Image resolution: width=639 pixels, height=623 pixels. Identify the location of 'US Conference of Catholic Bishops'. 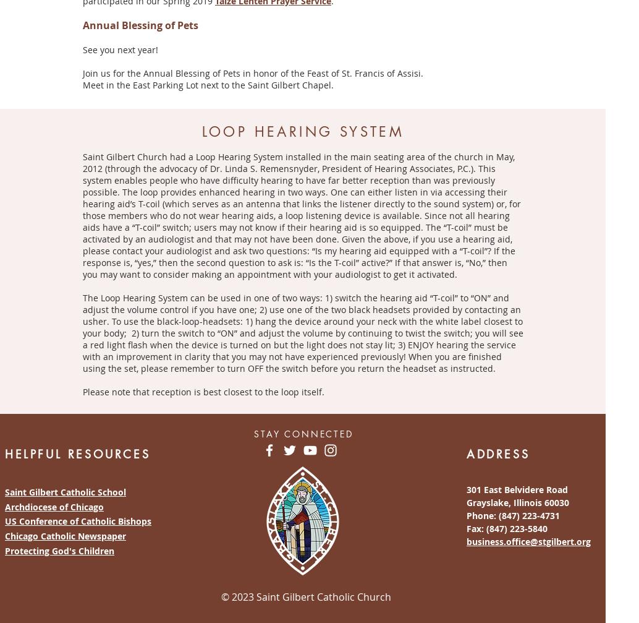
(78, 520).